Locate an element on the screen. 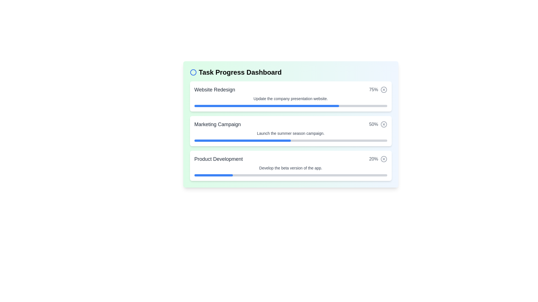 This screenshot has width=538, height=302. the circular gray icon with a cross inside it, located in the 'Marketing Campaign' task row, to the right of the '50%' progress percentage text is located at coordinates (383, 124).